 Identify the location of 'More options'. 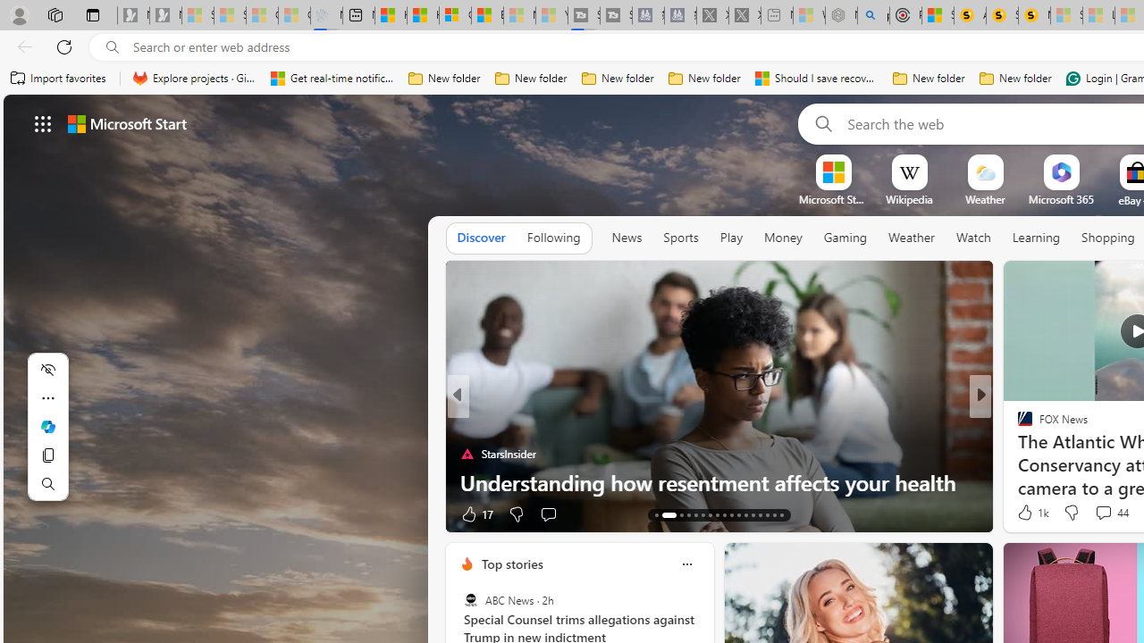
(686, 564).